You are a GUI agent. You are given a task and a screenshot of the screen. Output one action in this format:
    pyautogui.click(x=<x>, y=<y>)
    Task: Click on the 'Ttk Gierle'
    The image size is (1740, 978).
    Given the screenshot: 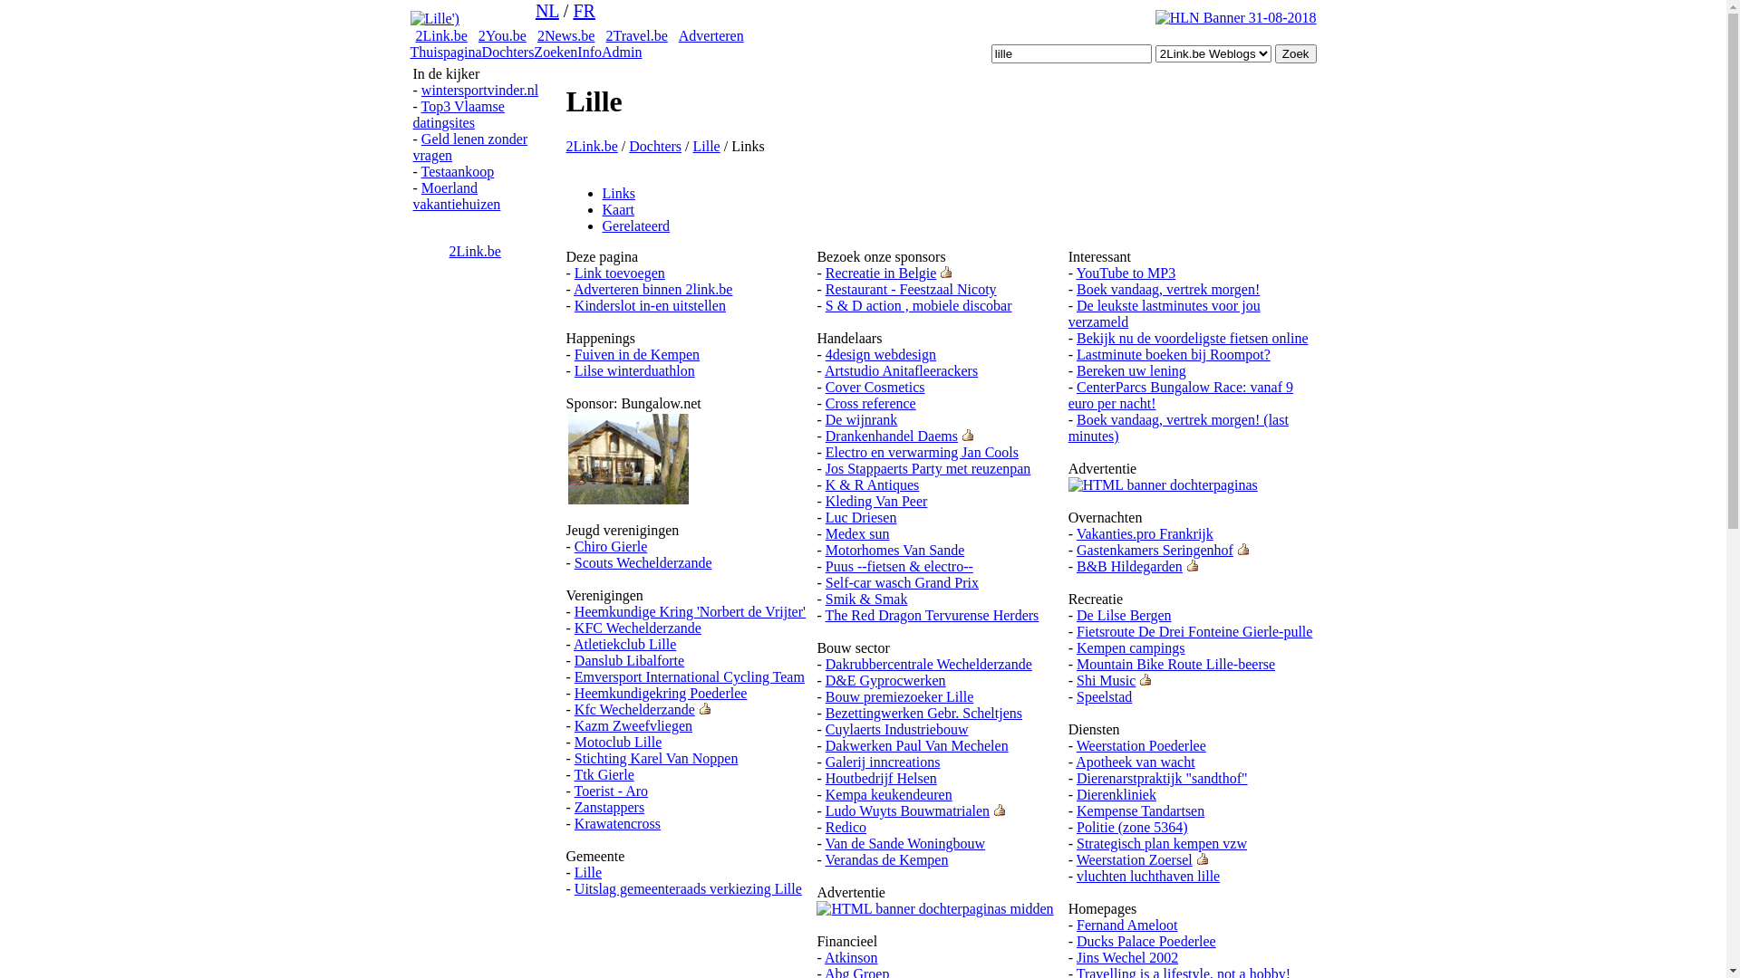 What is the action you would take?
    pyautogui.click(x=604, y=774)
    